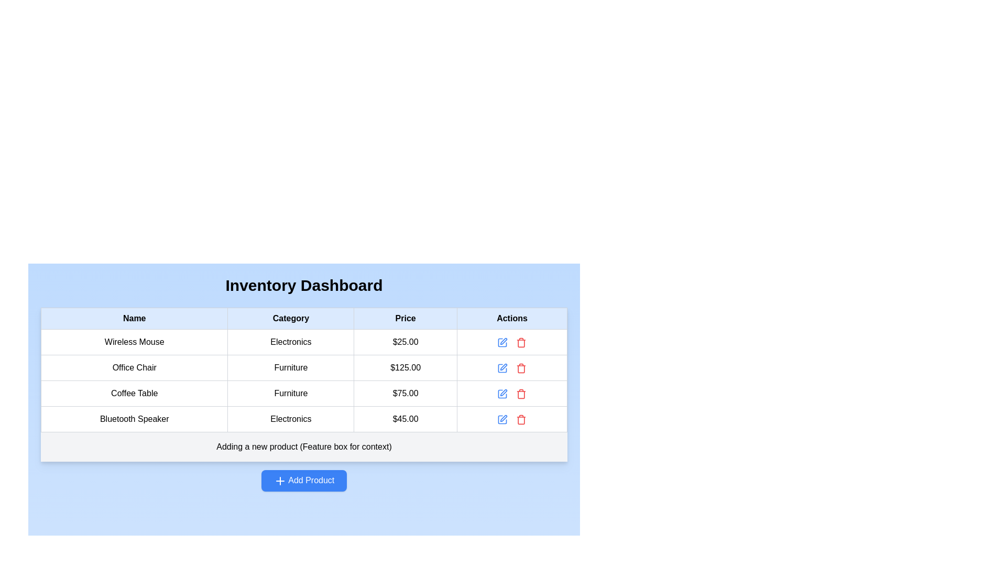  Describe the element at coordinates (521, 367) in the screenshot. I see `the red trash icon in the 'Actions' column of the third row in the inventory table` at that location.